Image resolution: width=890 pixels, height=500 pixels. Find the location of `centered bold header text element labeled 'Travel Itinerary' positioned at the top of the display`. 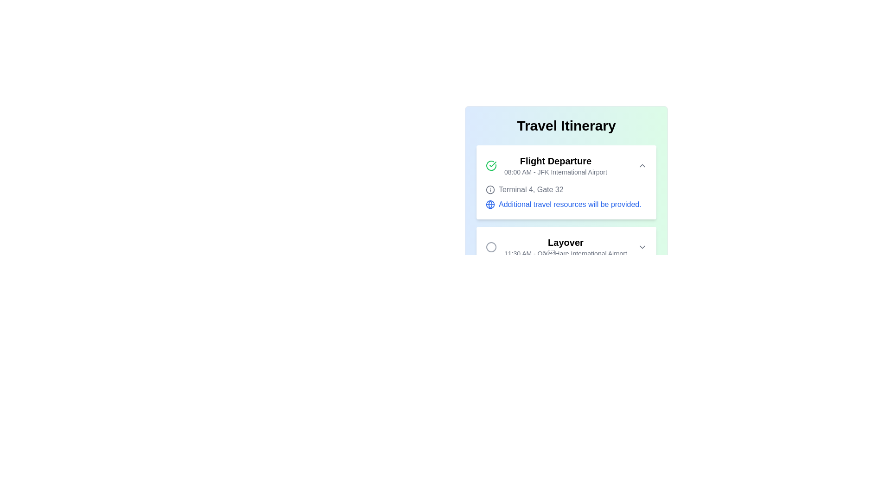

centered bold header text element labeled 'Travel Itinerary' positioned at the top of the display is located at coordinates (566, 126).